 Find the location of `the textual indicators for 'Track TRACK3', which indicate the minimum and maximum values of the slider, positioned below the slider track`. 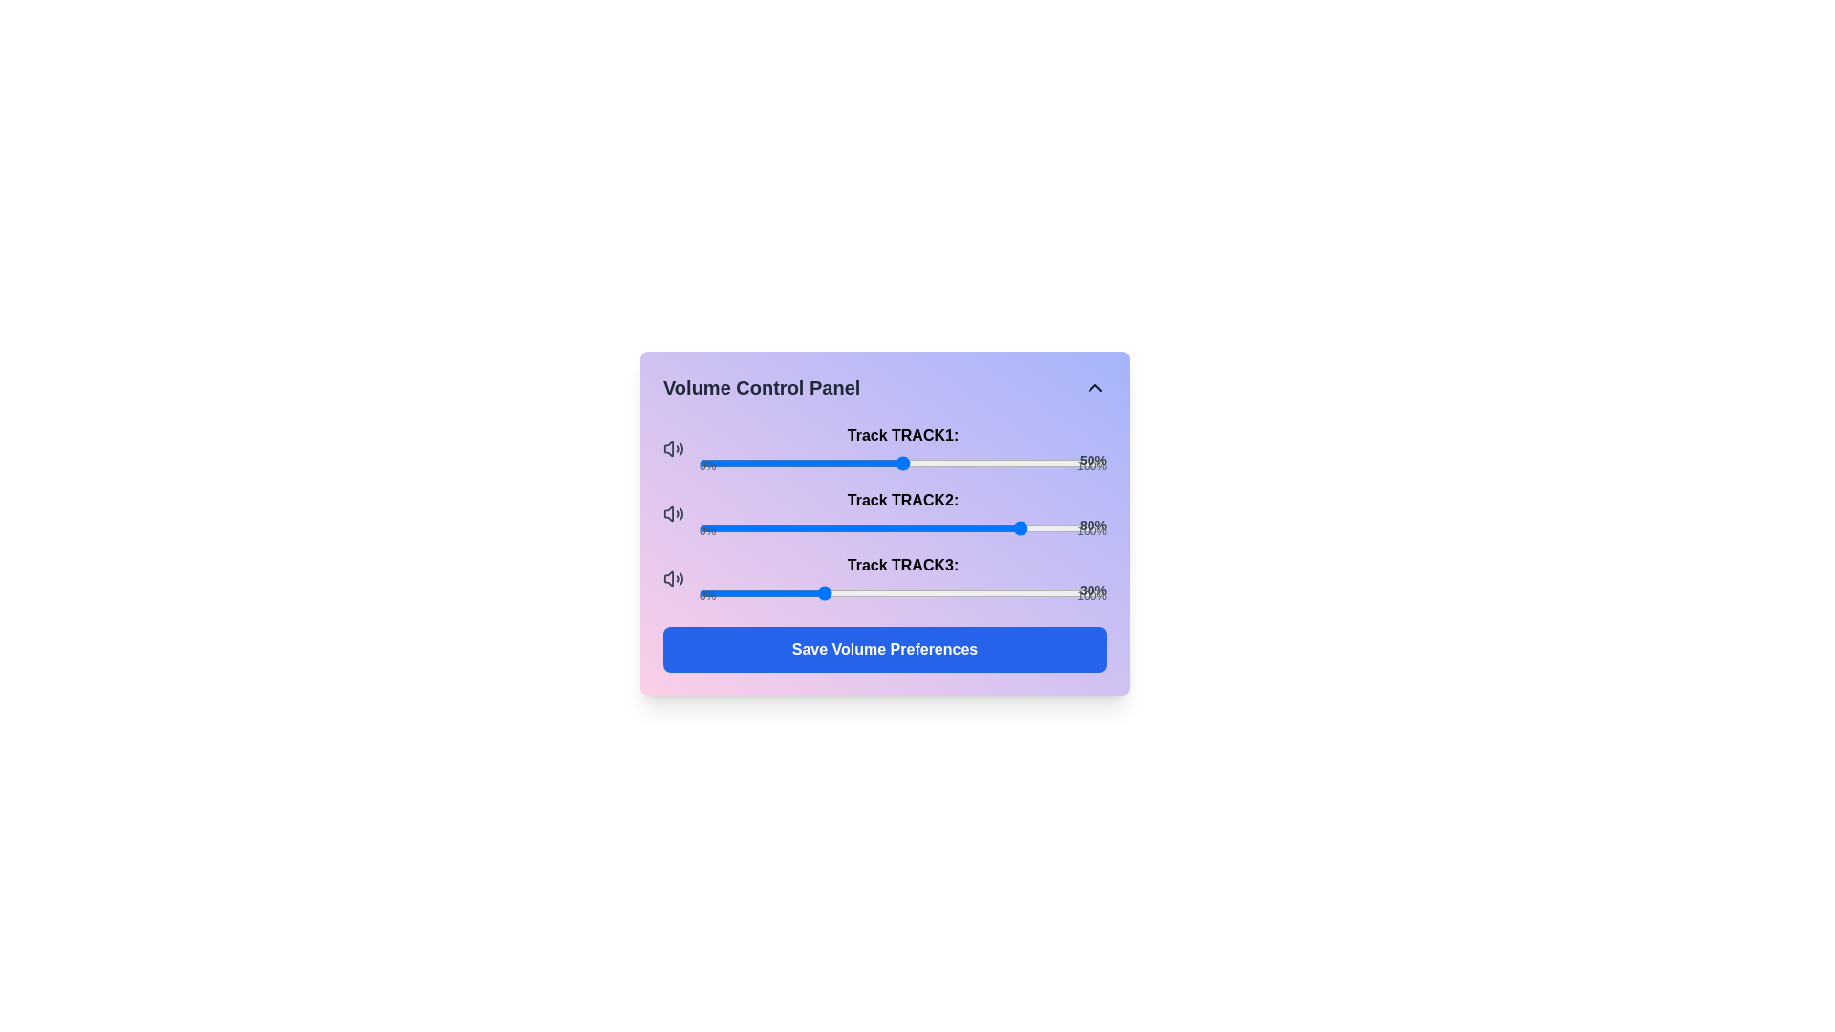

the textual indicators for 'Track TRACK3', which indicate the minimum and maximum values of the slider, positioned below the slider track is located at coordinates (902, 595).